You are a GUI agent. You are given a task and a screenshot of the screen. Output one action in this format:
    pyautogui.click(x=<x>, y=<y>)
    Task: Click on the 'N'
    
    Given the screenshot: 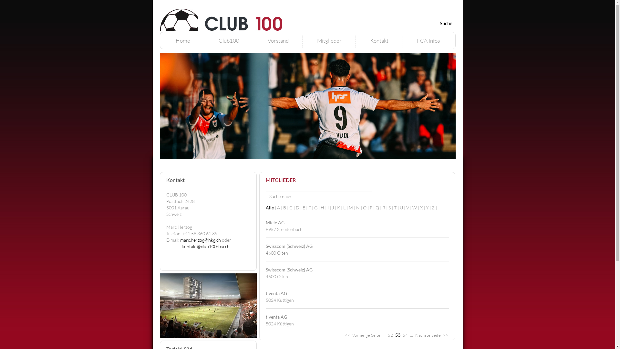 What is the action you would take?
    pyautogui.click(x=359, y=207)
    